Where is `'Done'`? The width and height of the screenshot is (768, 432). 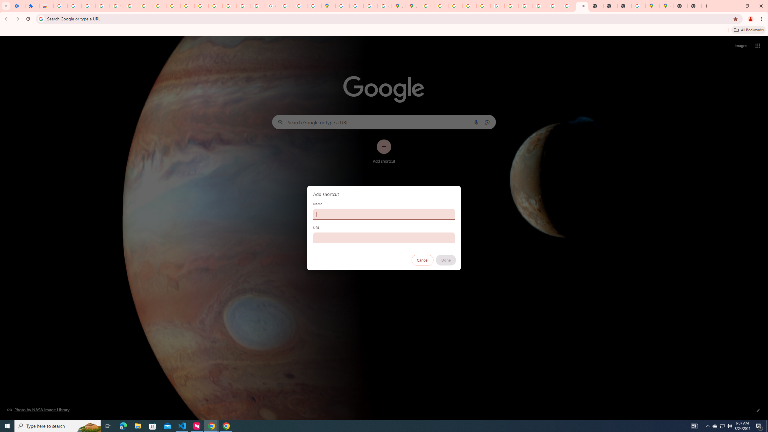 'Done' is located at coordinates (446, 260).